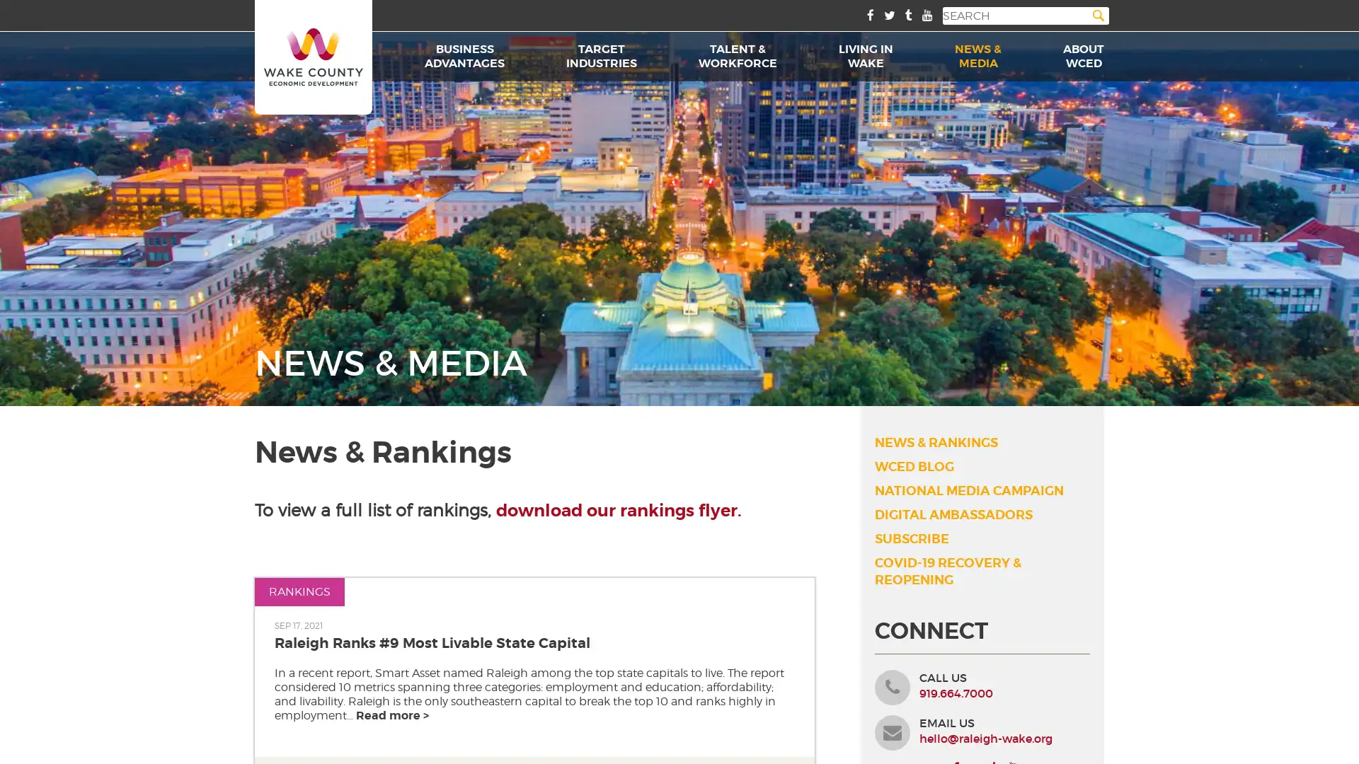 This screenshot has width=1359, height=764. Describe the element at coordinates (1097, 16) in the screenshot. I see `Search` at that location.